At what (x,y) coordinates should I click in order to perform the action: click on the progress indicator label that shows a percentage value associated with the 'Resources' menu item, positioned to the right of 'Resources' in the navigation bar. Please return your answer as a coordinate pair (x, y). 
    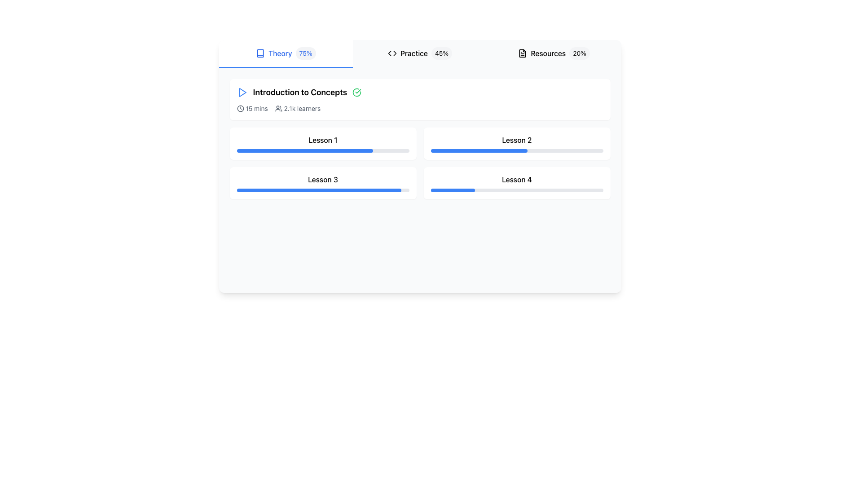
    Looking at the image, I should click on (580, 53).